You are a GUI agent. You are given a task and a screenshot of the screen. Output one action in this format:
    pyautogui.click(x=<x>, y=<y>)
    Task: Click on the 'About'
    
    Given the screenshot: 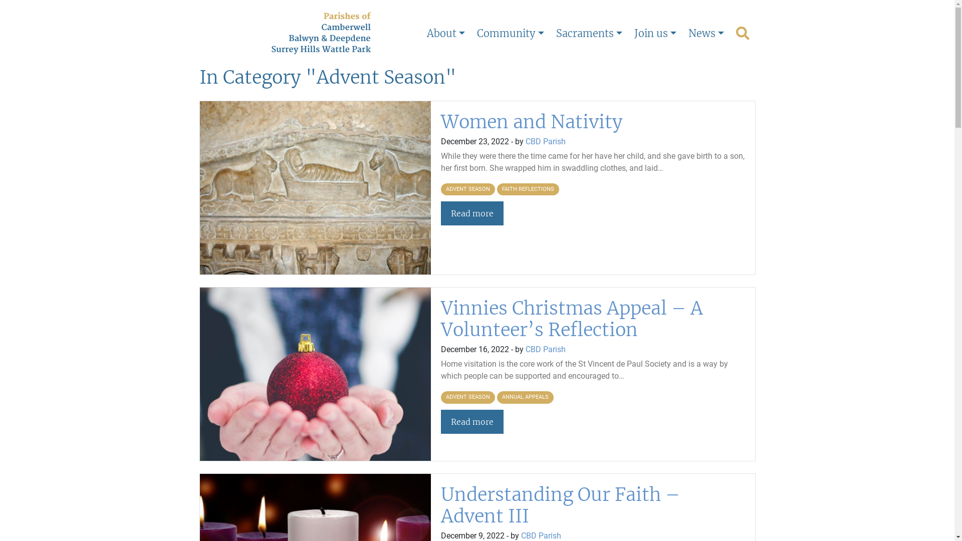 What is the action you would take?
    pyautogui.click(x=445, y=33)
    